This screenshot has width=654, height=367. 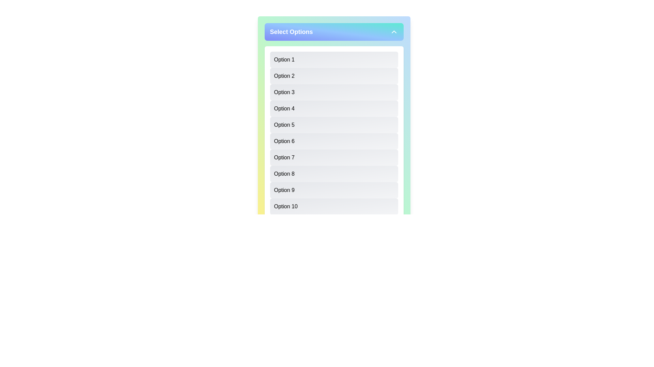 I want to click on the 'Option 2' button-like list item, which is a horizontal rectangular box with rounded corners and a gradient background, so click(x=334, y=76).